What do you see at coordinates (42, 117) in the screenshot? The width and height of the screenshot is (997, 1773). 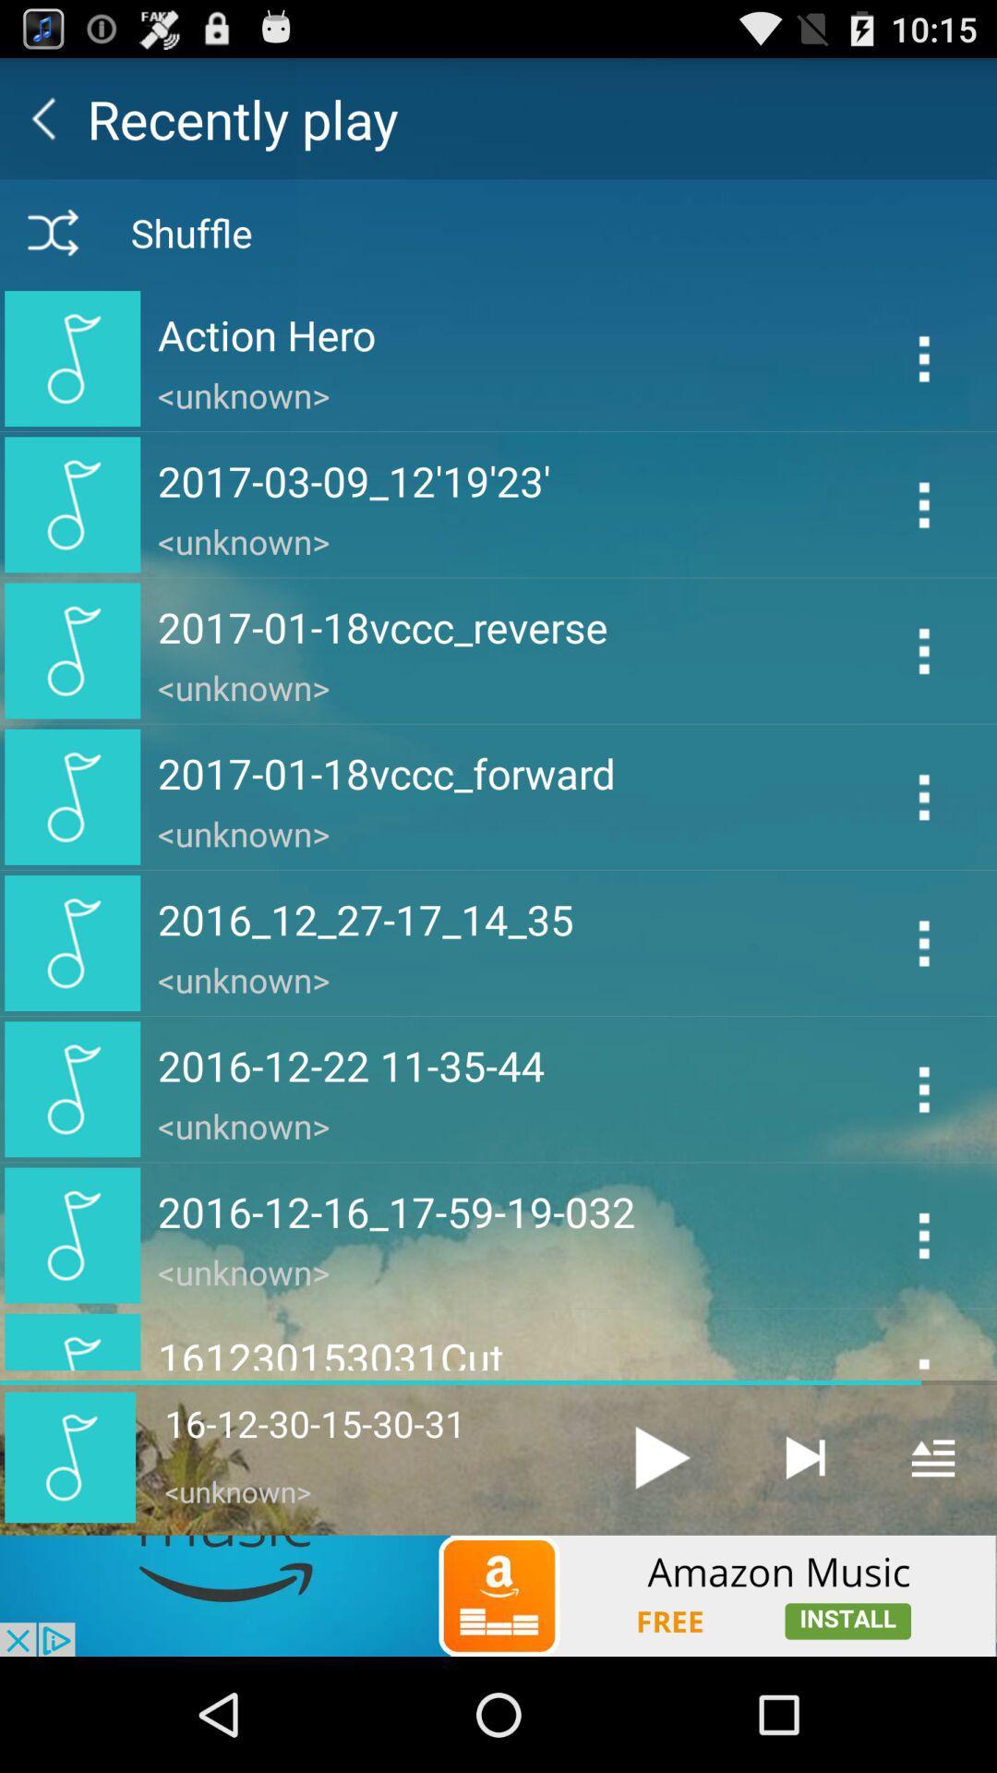 I see `back button` at bounding box center [42, 117].